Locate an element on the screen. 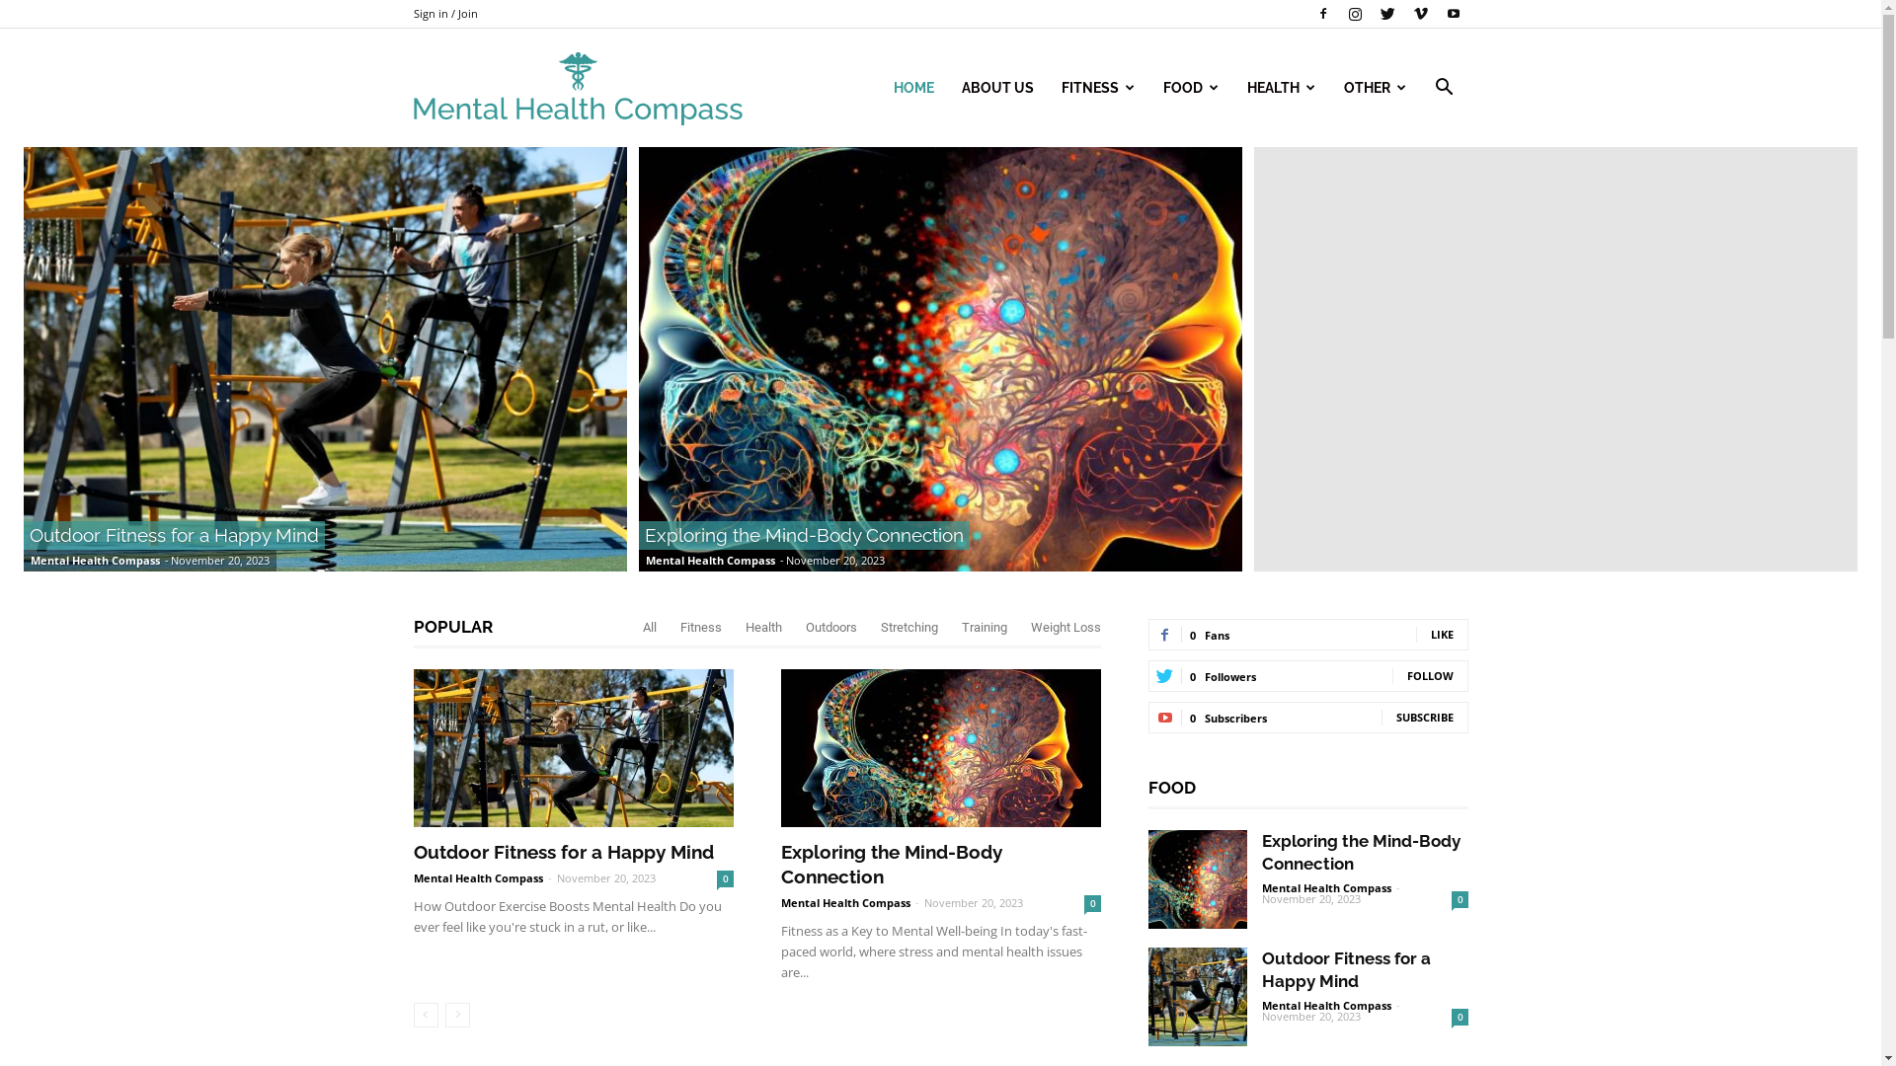 Image resolution: width=1896 pixels, height=1066 pixels. 'Fitness' is located at coordinates (700, 627).